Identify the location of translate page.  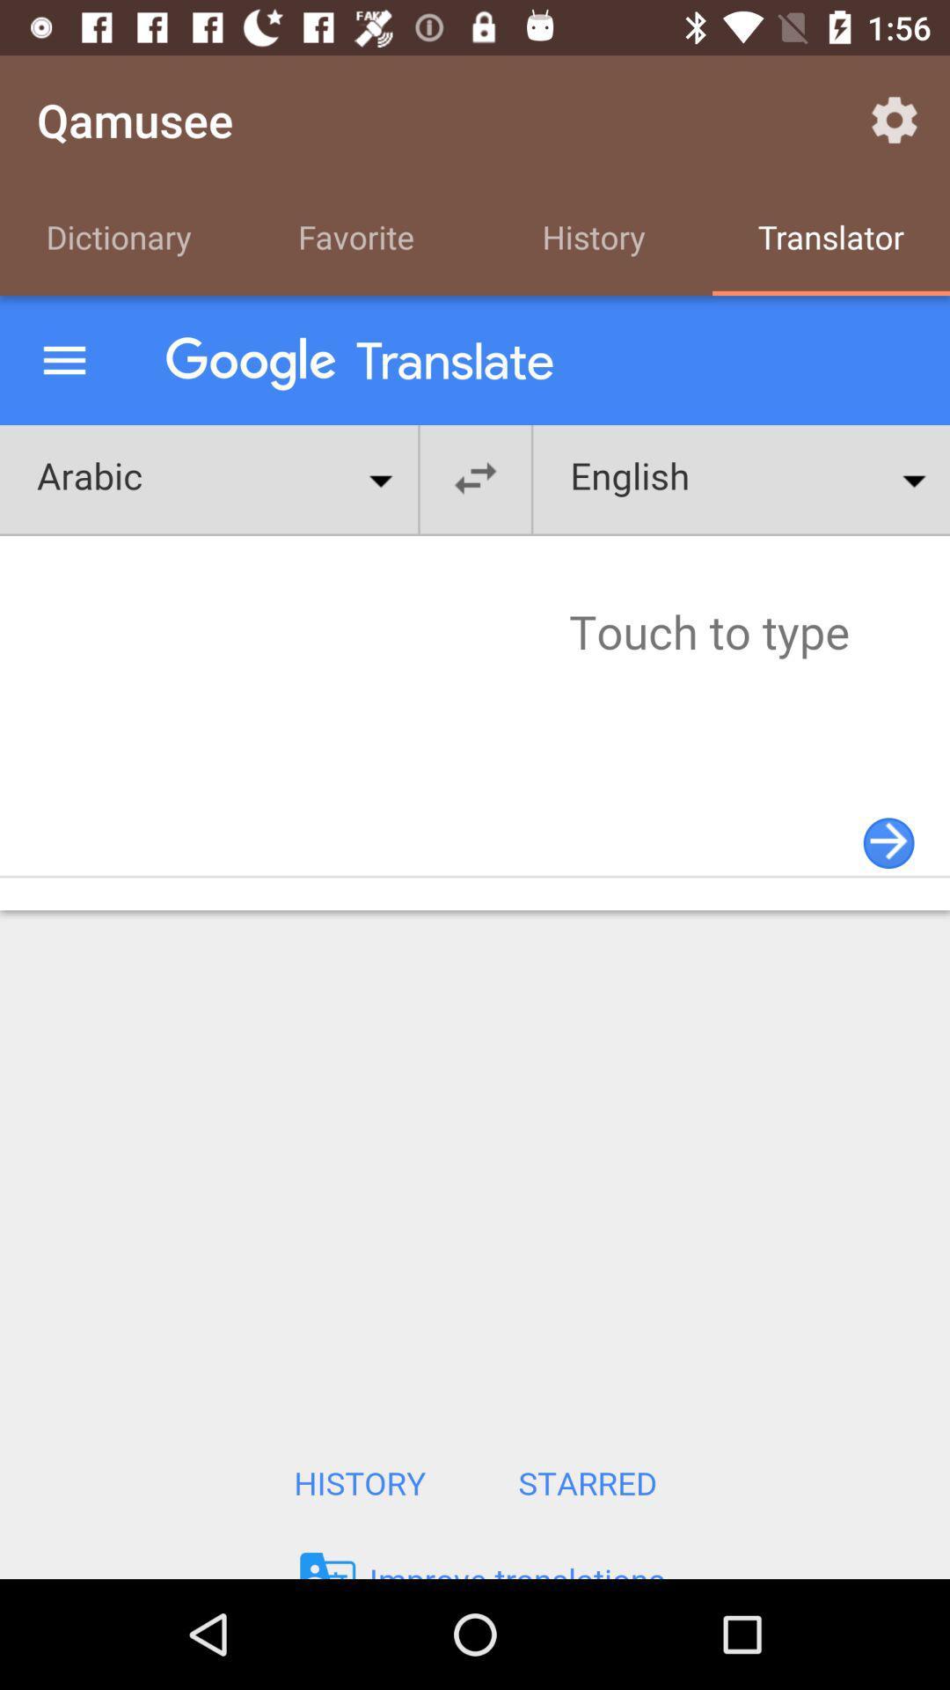
(475, 937).